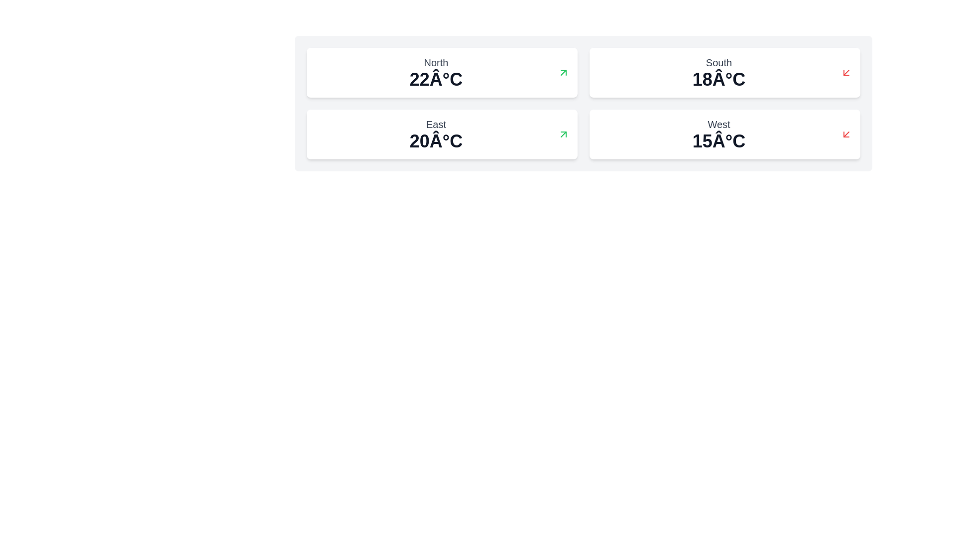 The width and height of the screenshot is (956, 538). I want to click on the static labeled display showing weather information for the 'North' direction with a temperature of 22°C, so click(436, 72).